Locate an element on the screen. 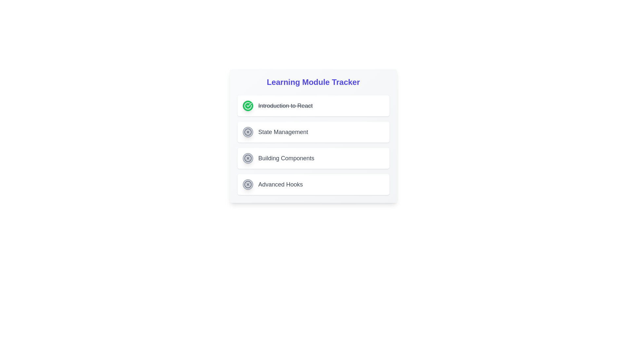  the circular graphic with a 10-unit radius located within the second icon of the third list item titled 'Building Components' in the 'Learning Module Tracker' is located at coordinates (247, 158).